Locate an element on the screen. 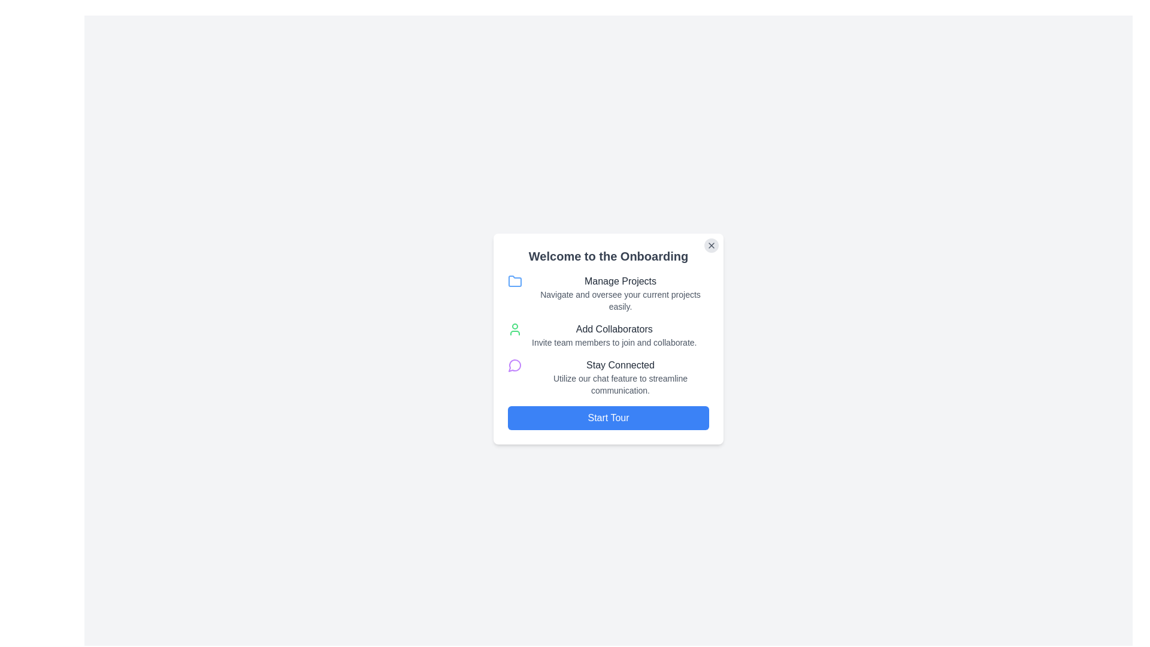  text label 'Stay Connected' which is positioned above the 'Start Tour' button and below the 'Add Collaborators' section is located at coordinates (621, 364).